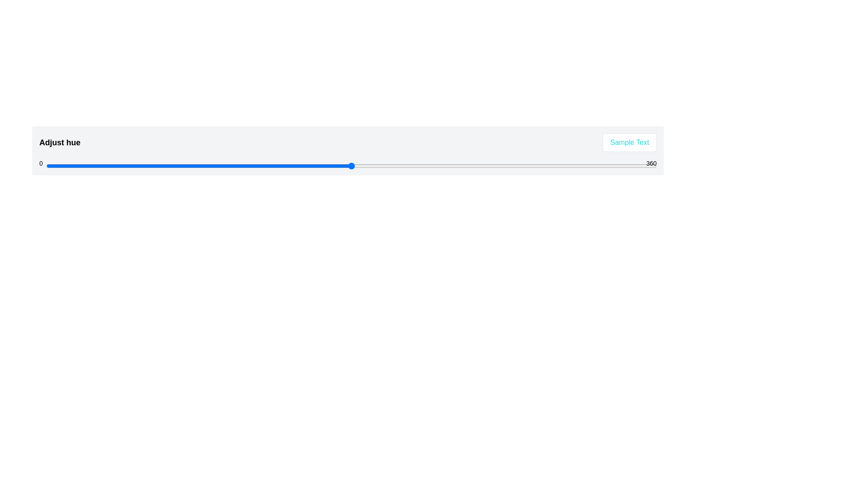  Describe the element at coordinates (492, 166) in the screenshot. I see `the hue slider to set the hue value to 263` at that location.